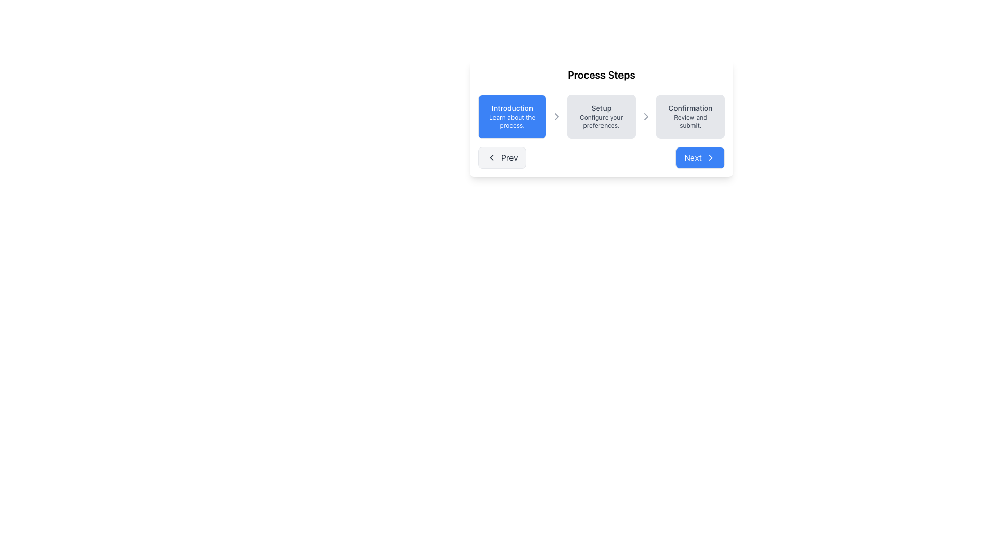 The height and width of the screenshot is (555, 987). What do you see at coordinates (710, 158) in the screenshot?
I see `the forward progression icon located within the 'Next' button in the lower-right corner of the 'Process Steps' dialog` at bounding box center [710, 158].